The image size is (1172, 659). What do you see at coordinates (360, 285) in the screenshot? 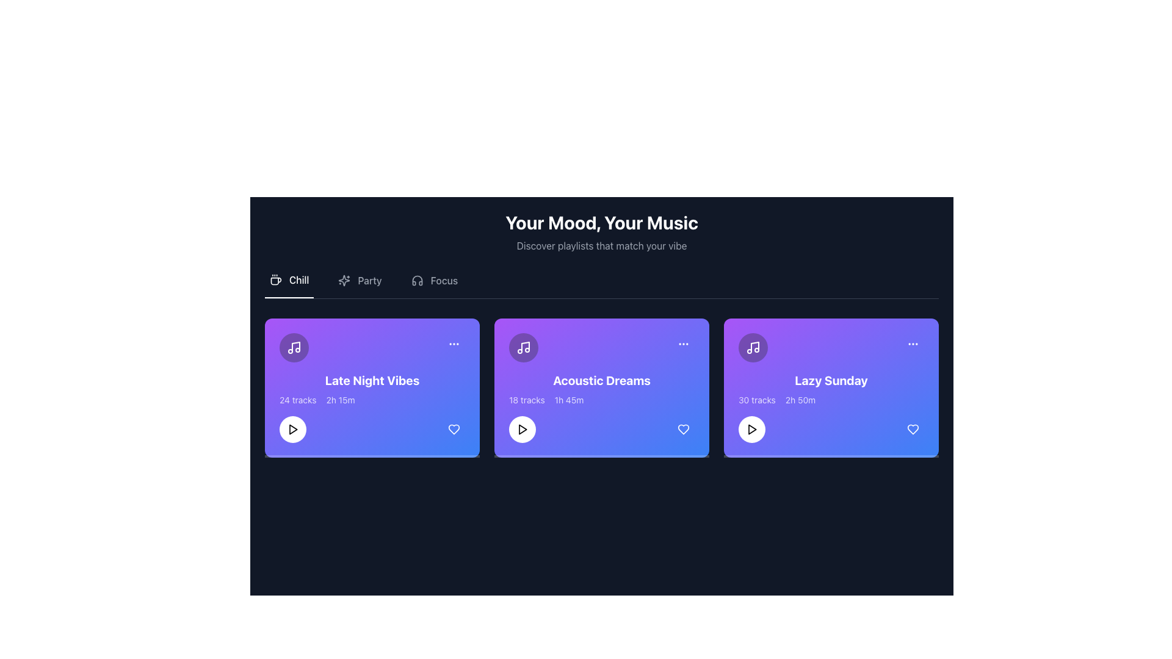
I see `the 'Party' button with a sparkles icon located in the top menu bar to observe the color change effect` at bounding box center [360, 285].